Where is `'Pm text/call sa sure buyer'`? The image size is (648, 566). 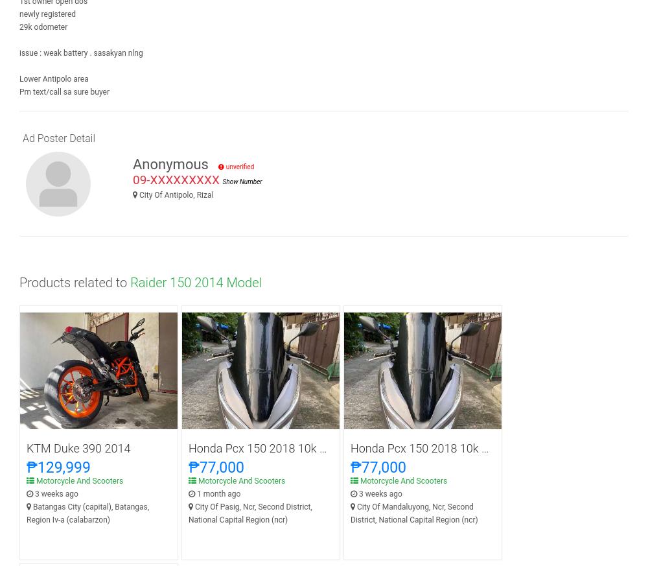
'Pm text/call sa sure buyer' is located at coordinates (64, 92).